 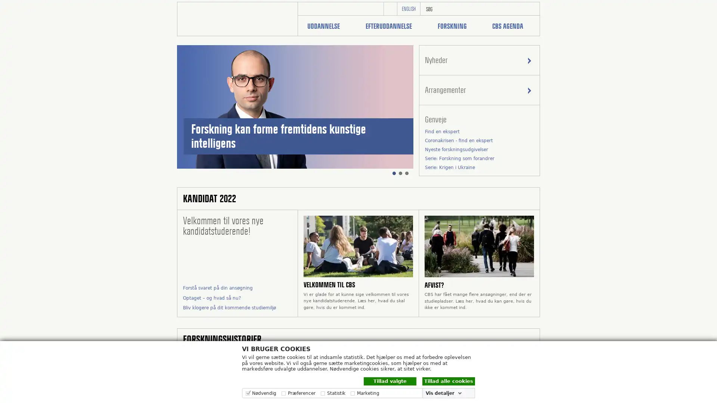 What do you see at coordinates (479, 119) in the screenshot?
I see `Genveje` at bounding box center [479, 119].